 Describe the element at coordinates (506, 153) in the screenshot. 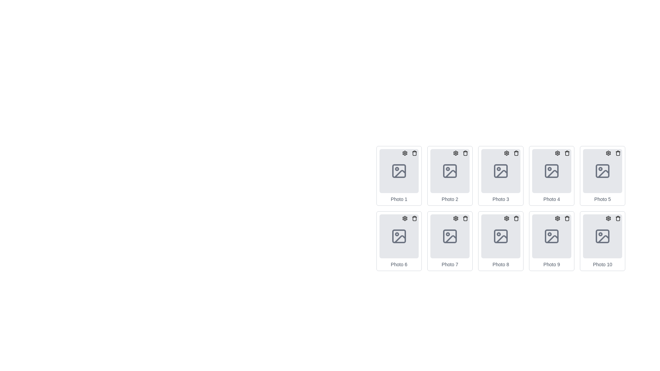

I see `the gear-shaped settings icon located in the top-right corner of the 'Photo 3' card` at that location.